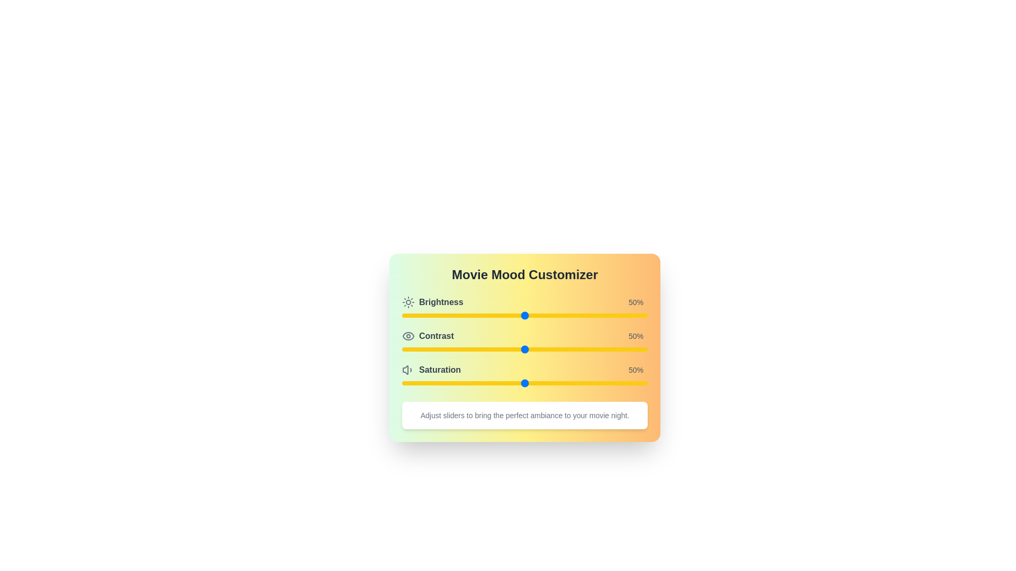 The height and width of the screenshot is (571, 1016). I want to click on the contrast level, so click(515, 349).